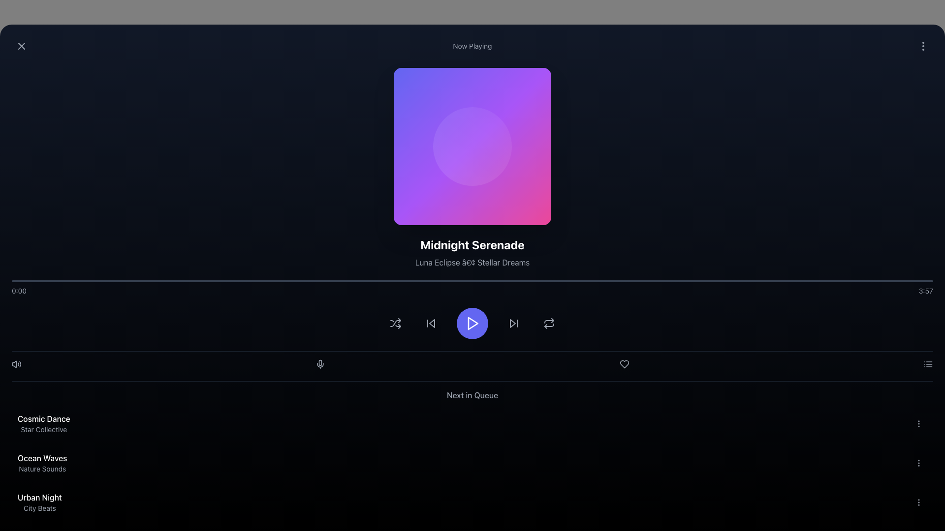  What do you see at coordinates (39, 508) in the screenshot?
I see `the text element that serves as a descriptor for the main title 'Urban Night', located below it as a subheading` at bounding box center [39, 508].